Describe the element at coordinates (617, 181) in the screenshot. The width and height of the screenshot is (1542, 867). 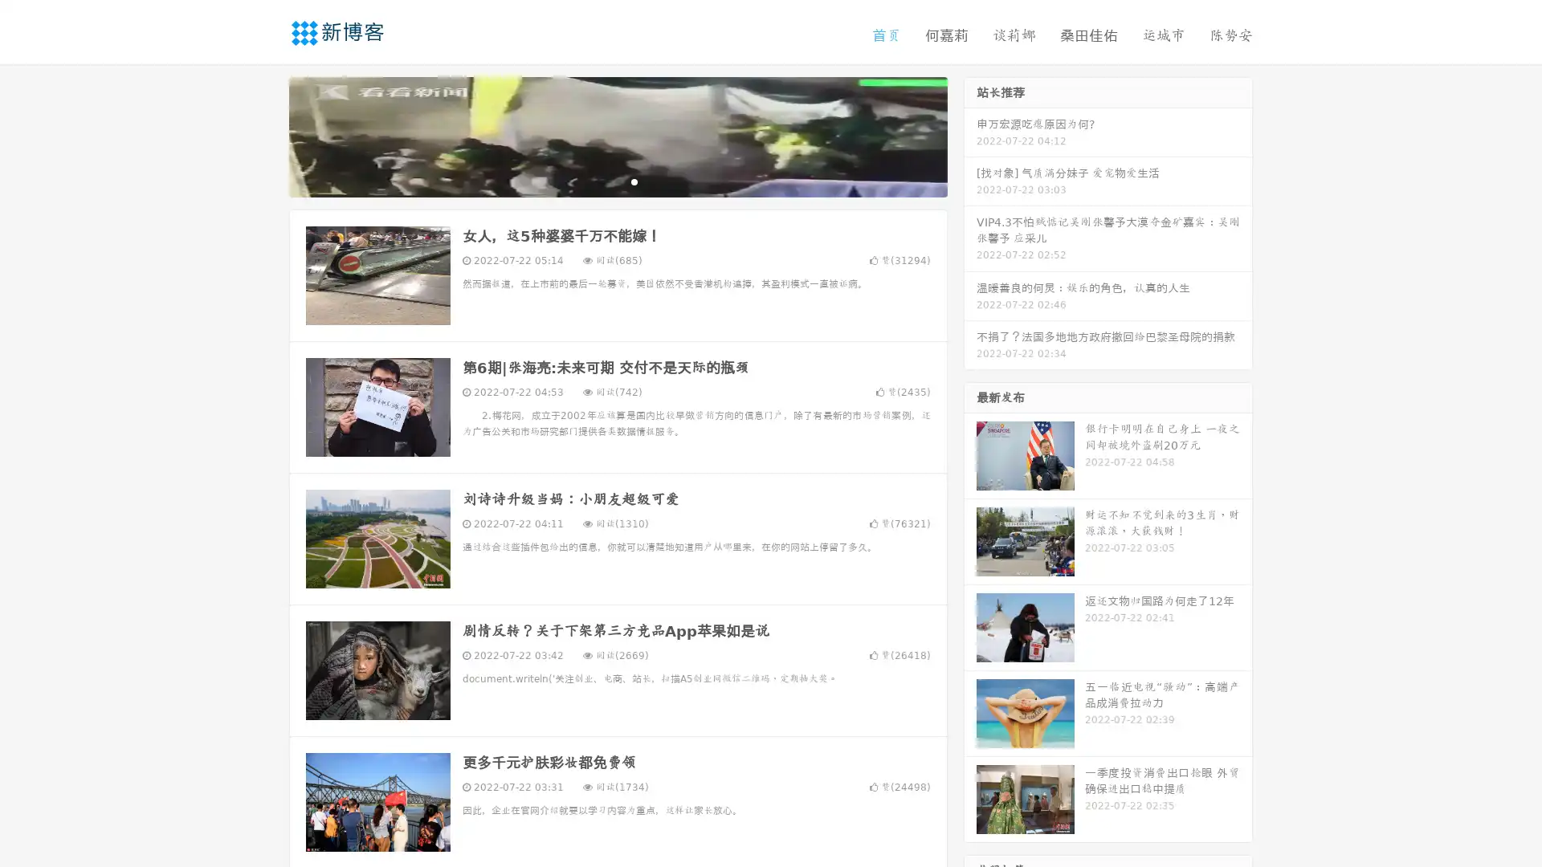
I see `Go to slide 2` at that location.